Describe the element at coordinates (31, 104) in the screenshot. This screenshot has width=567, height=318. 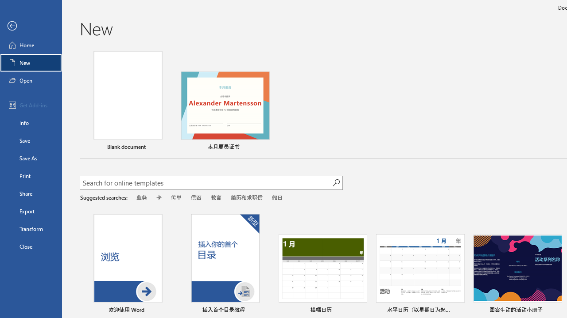
I see `'Get Add-ins'` at that location.